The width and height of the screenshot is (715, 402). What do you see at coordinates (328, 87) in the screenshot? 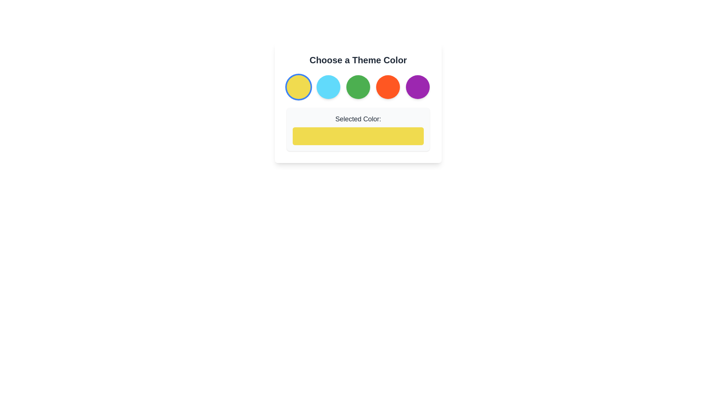
I see `the second circular button in a row of five buttons` at bounding box center [328, 87].